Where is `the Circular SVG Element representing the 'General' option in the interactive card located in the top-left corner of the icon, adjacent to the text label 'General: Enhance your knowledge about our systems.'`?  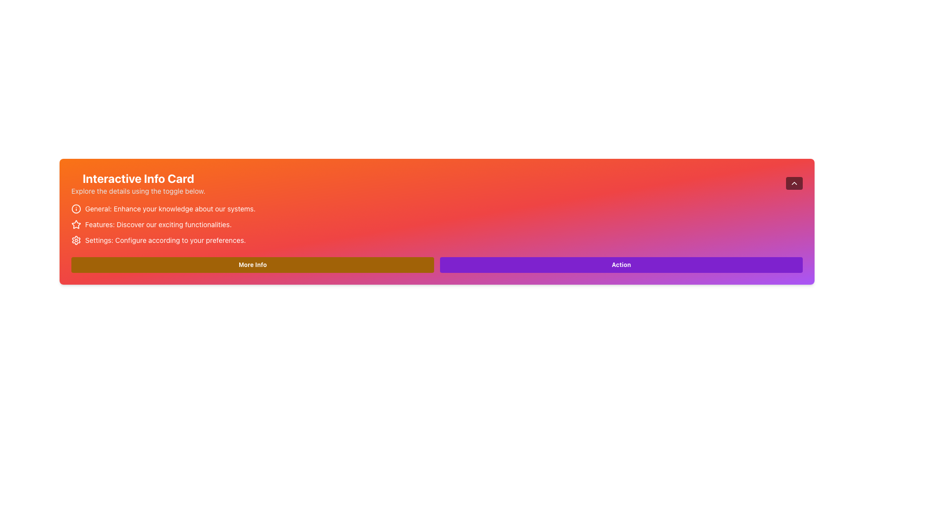 the Circular SVG Element representing the 'General' option in the interactive card located in the top-left corner of the icon, adjacent to the text label 'General: Enhance your knowledge about our systems.' is located at coordinates (75, 208).